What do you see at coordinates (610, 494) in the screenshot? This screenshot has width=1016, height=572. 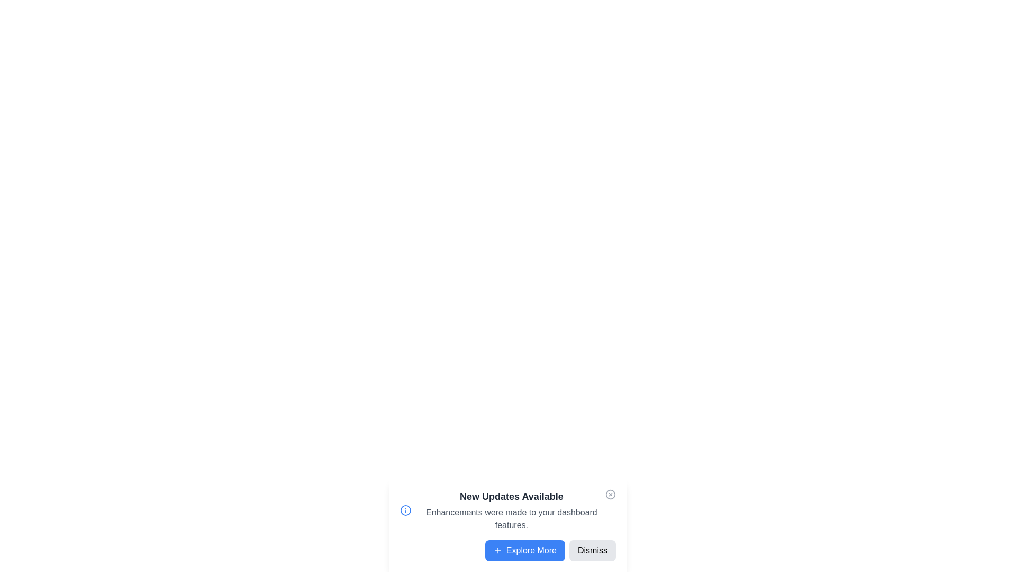 I see `the close button to close the notification panel` at bounding box center [610, 494].